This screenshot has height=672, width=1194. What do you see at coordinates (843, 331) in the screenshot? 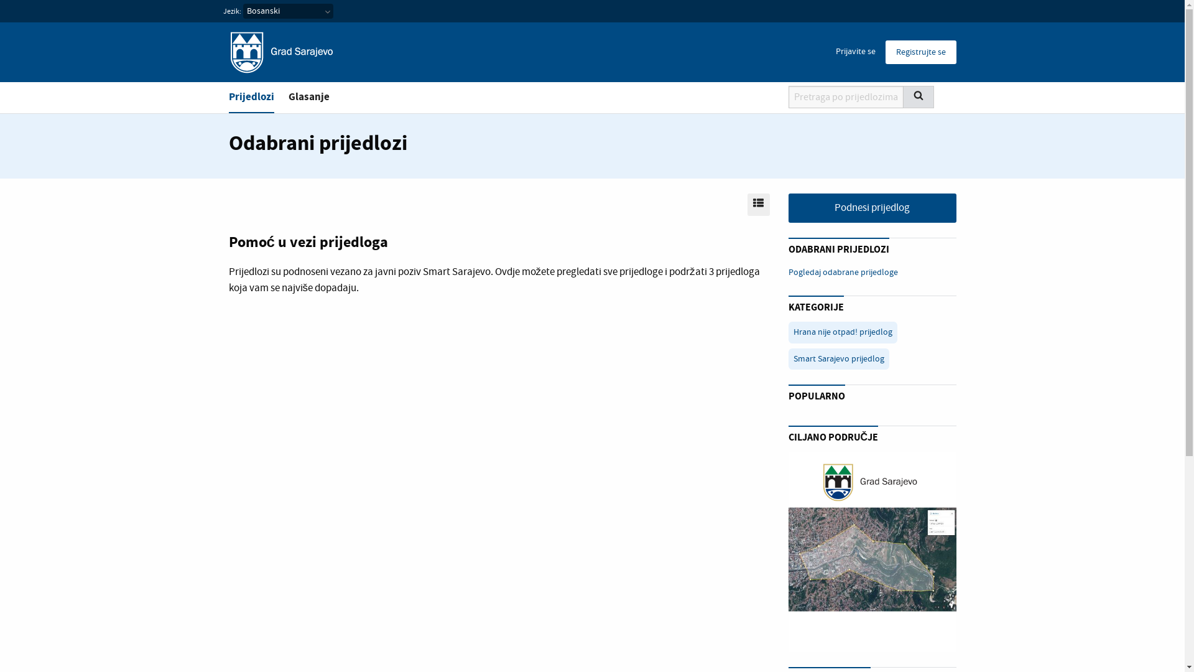
I see `'Hrana nije otpad! prijedlog'` at bounding box center [843, 331].